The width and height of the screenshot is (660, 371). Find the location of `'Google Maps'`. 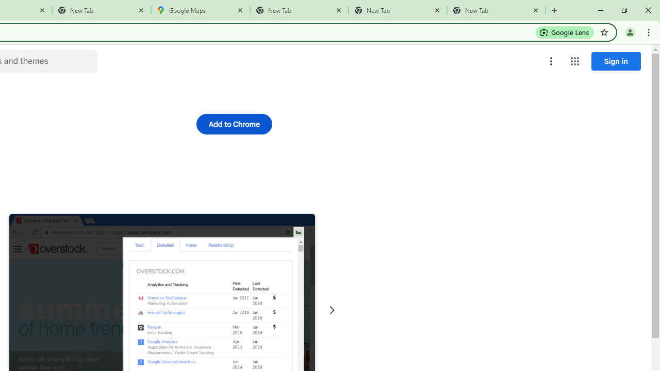

'Google Maps' is located at coordinates (201, 10).